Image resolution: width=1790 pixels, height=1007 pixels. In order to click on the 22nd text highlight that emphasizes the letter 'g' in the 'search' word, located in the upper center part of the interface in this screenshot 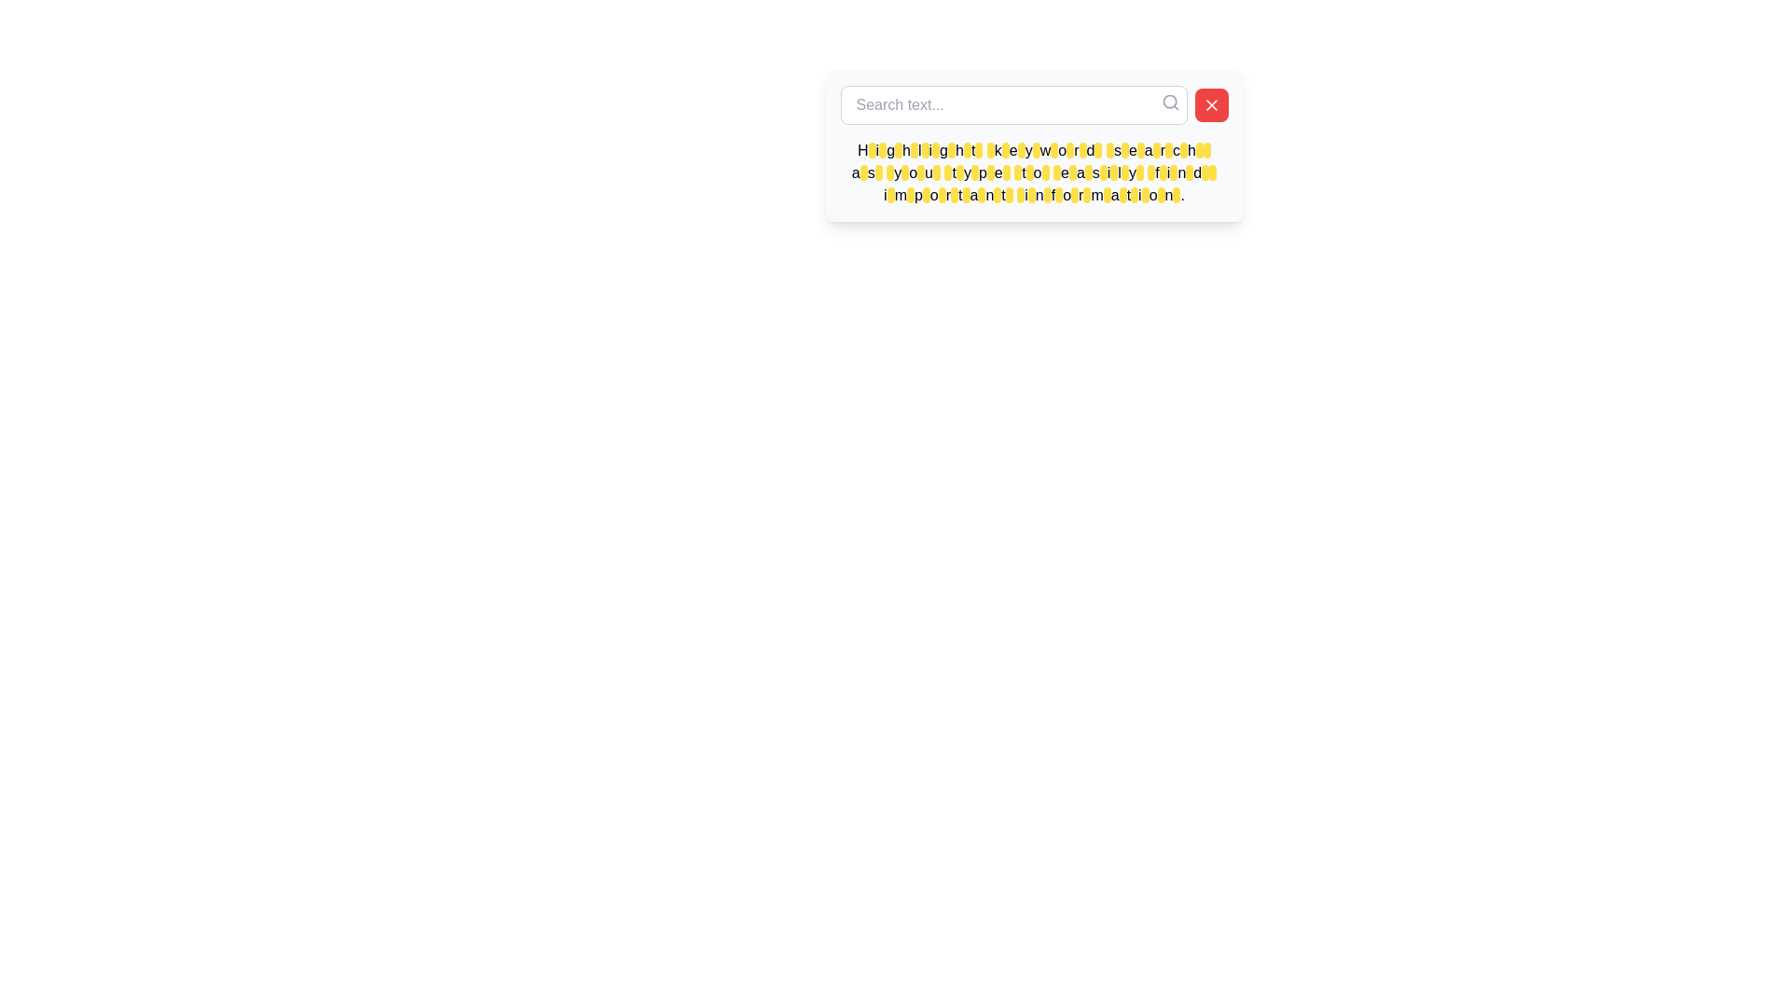, I will do `click(1155, 149)`.